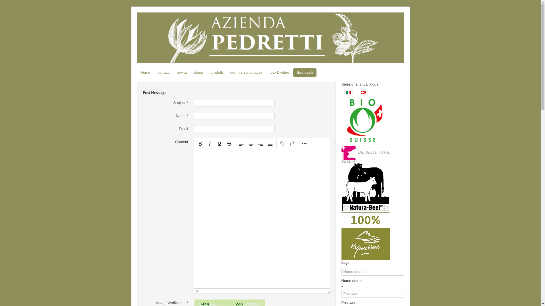 Image resolution: width=545 pixels, height=306 pixels. I want to click on 'contatti', so click(163, 72).